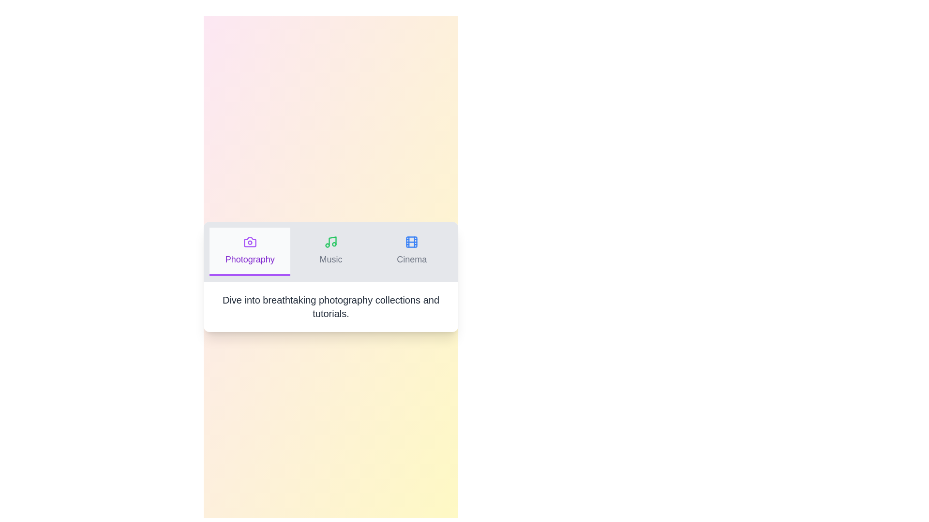 The height and width of the screenshot is (522, 929). Describe the element at coordinates (250, 251) in the screenshot. I see `the Photography tab by clicking its button` at that location.